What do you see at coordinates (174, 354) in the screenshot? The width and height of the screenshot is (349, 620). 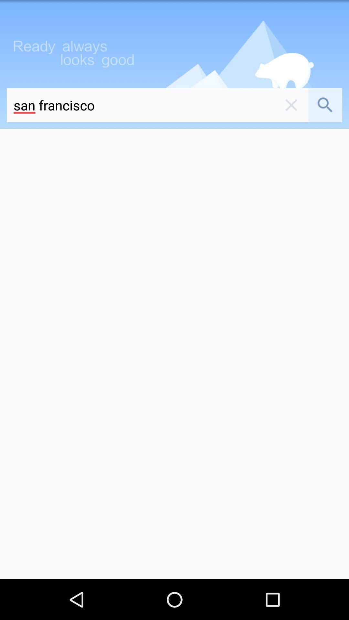 I see `icon at the center` at bounding box center [174, 354].